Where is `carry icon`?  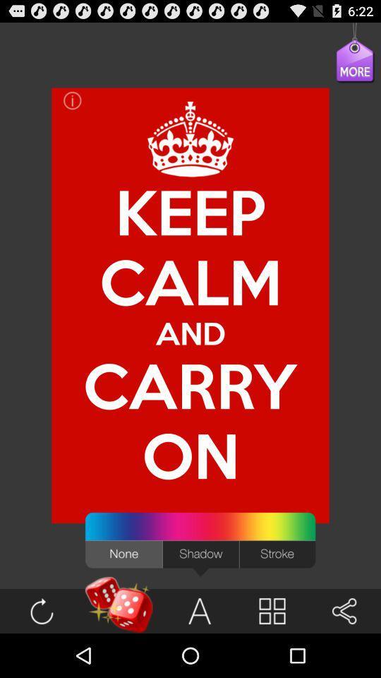 carry icon is located at coordinates (190, 386).